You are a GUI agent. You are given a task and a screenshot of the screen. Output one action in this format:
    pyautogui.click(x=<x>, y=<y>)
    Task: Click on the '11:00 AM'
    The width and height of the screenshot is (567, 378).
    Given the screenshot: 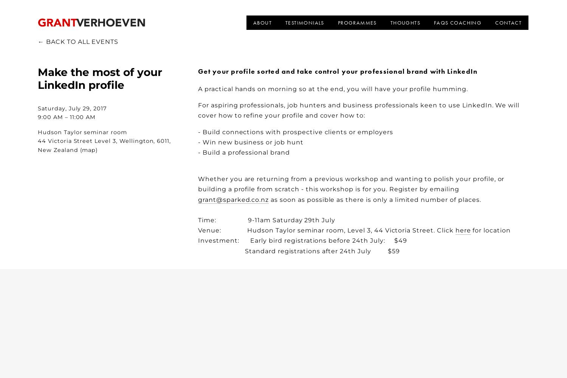 What is the action you would take?
    pyautogui.click(x=82, y=117)
    